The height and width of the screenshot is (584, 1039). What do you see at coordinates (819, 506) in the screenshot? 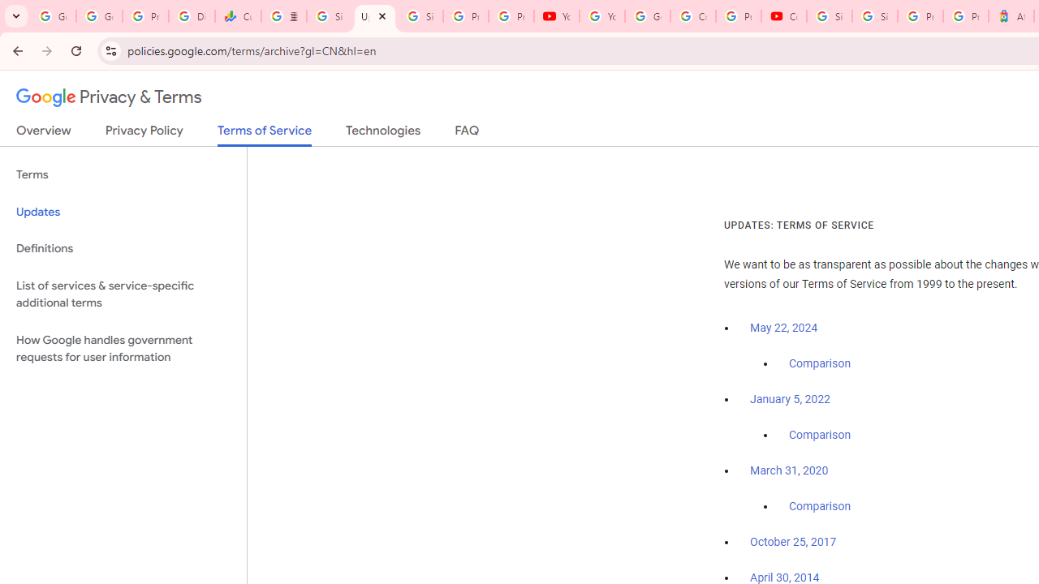
I see `'Comparison'` at bounding box center [819, 506].